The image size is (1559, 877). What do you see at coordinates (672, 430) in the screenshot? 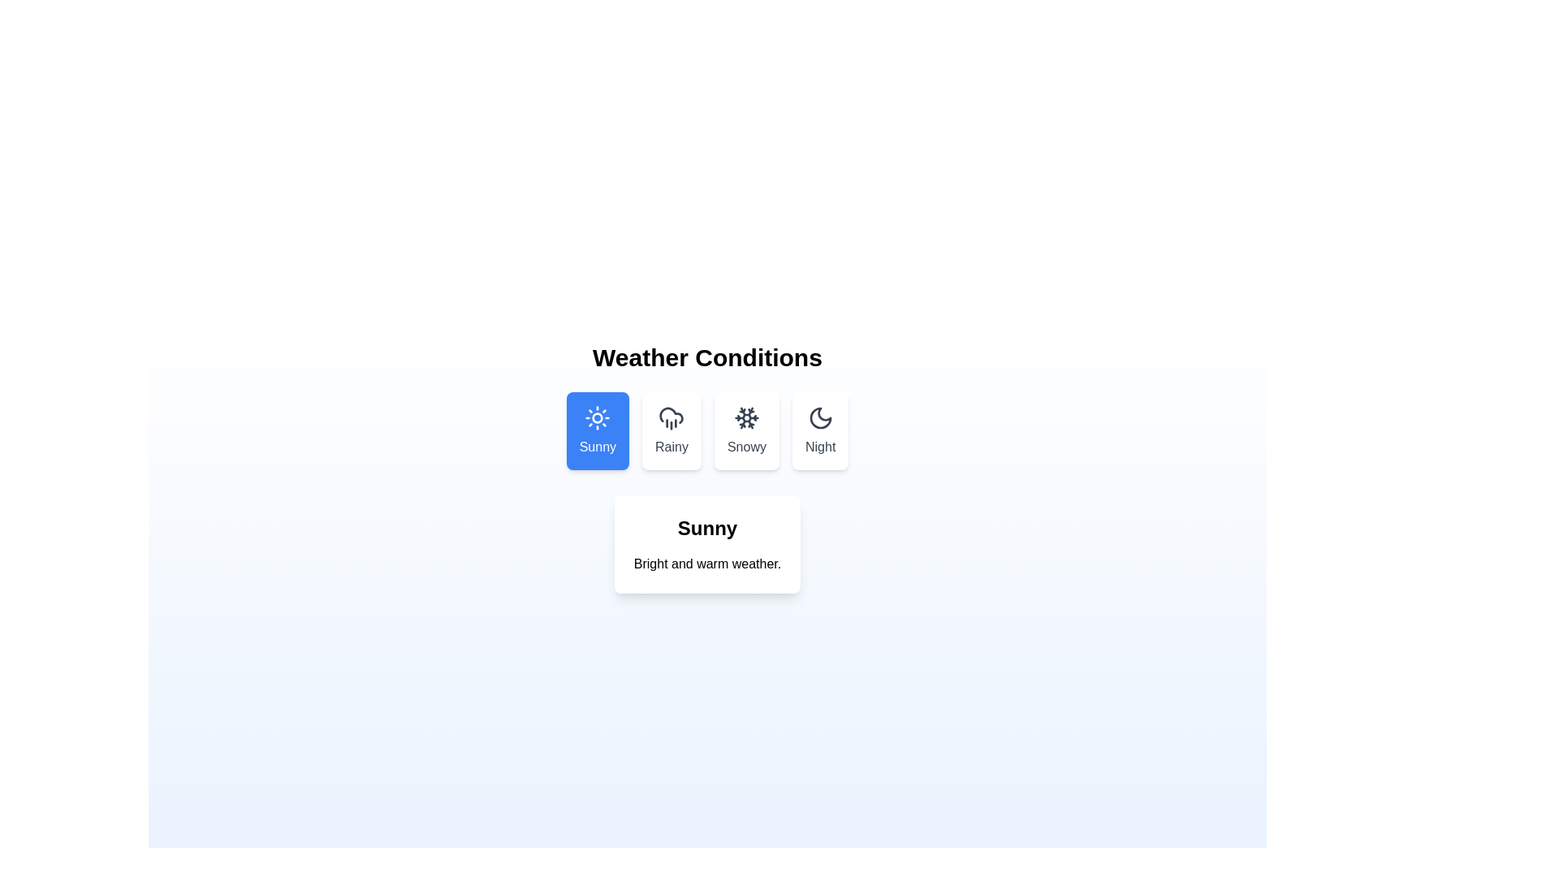
I see `the Rainy tab to view its weather condition` at bounding box center [672, 430].